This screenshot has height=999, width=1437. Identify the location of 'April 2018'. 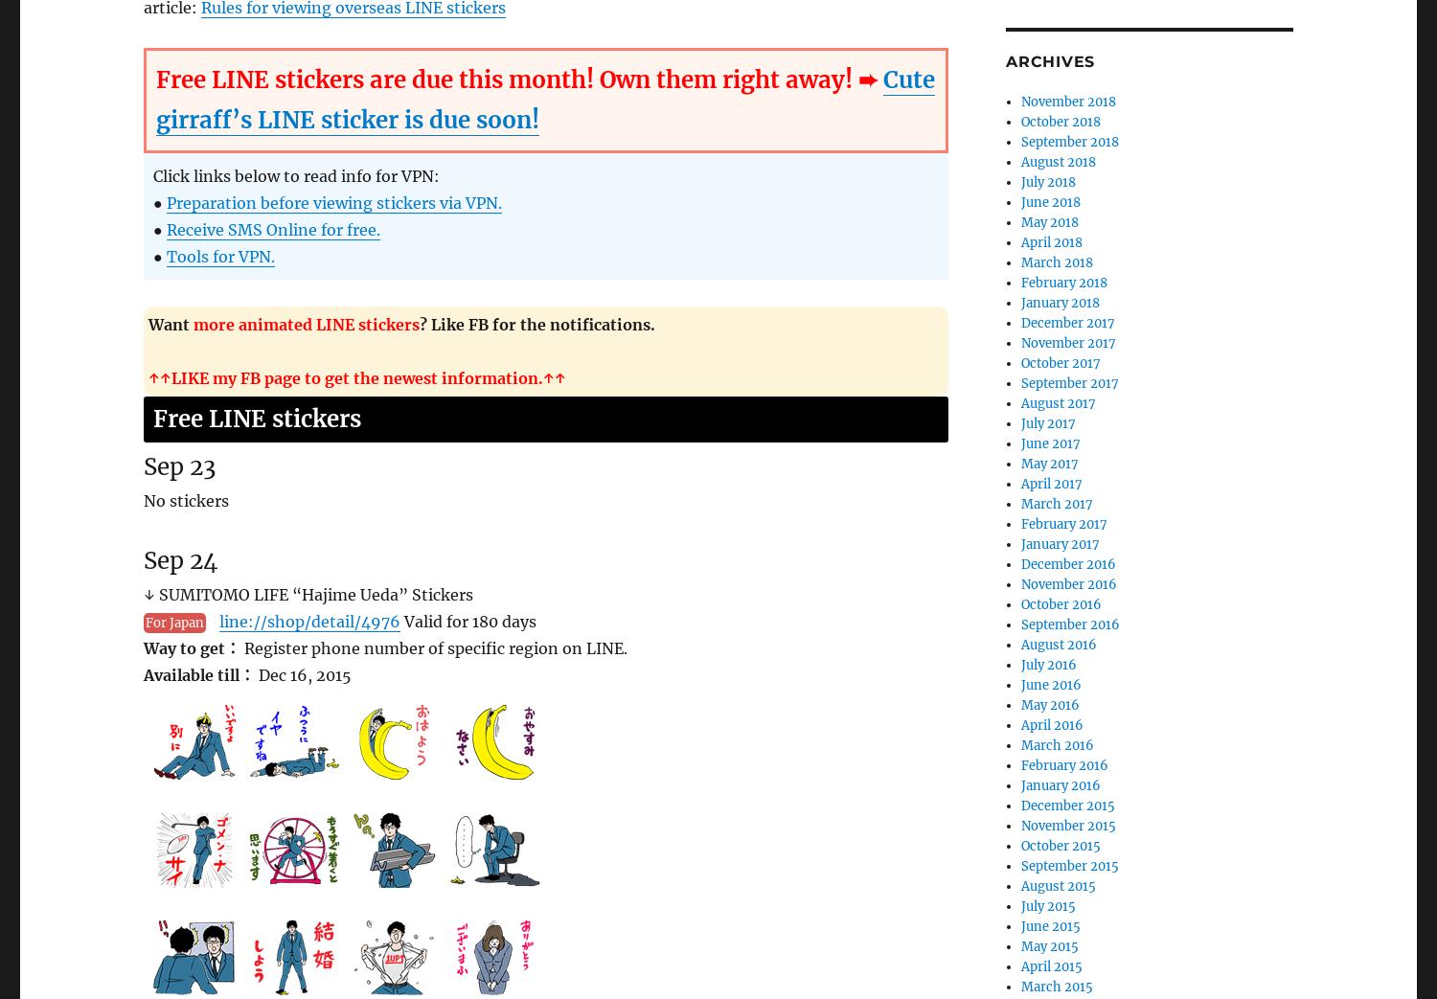
(1020, 241).